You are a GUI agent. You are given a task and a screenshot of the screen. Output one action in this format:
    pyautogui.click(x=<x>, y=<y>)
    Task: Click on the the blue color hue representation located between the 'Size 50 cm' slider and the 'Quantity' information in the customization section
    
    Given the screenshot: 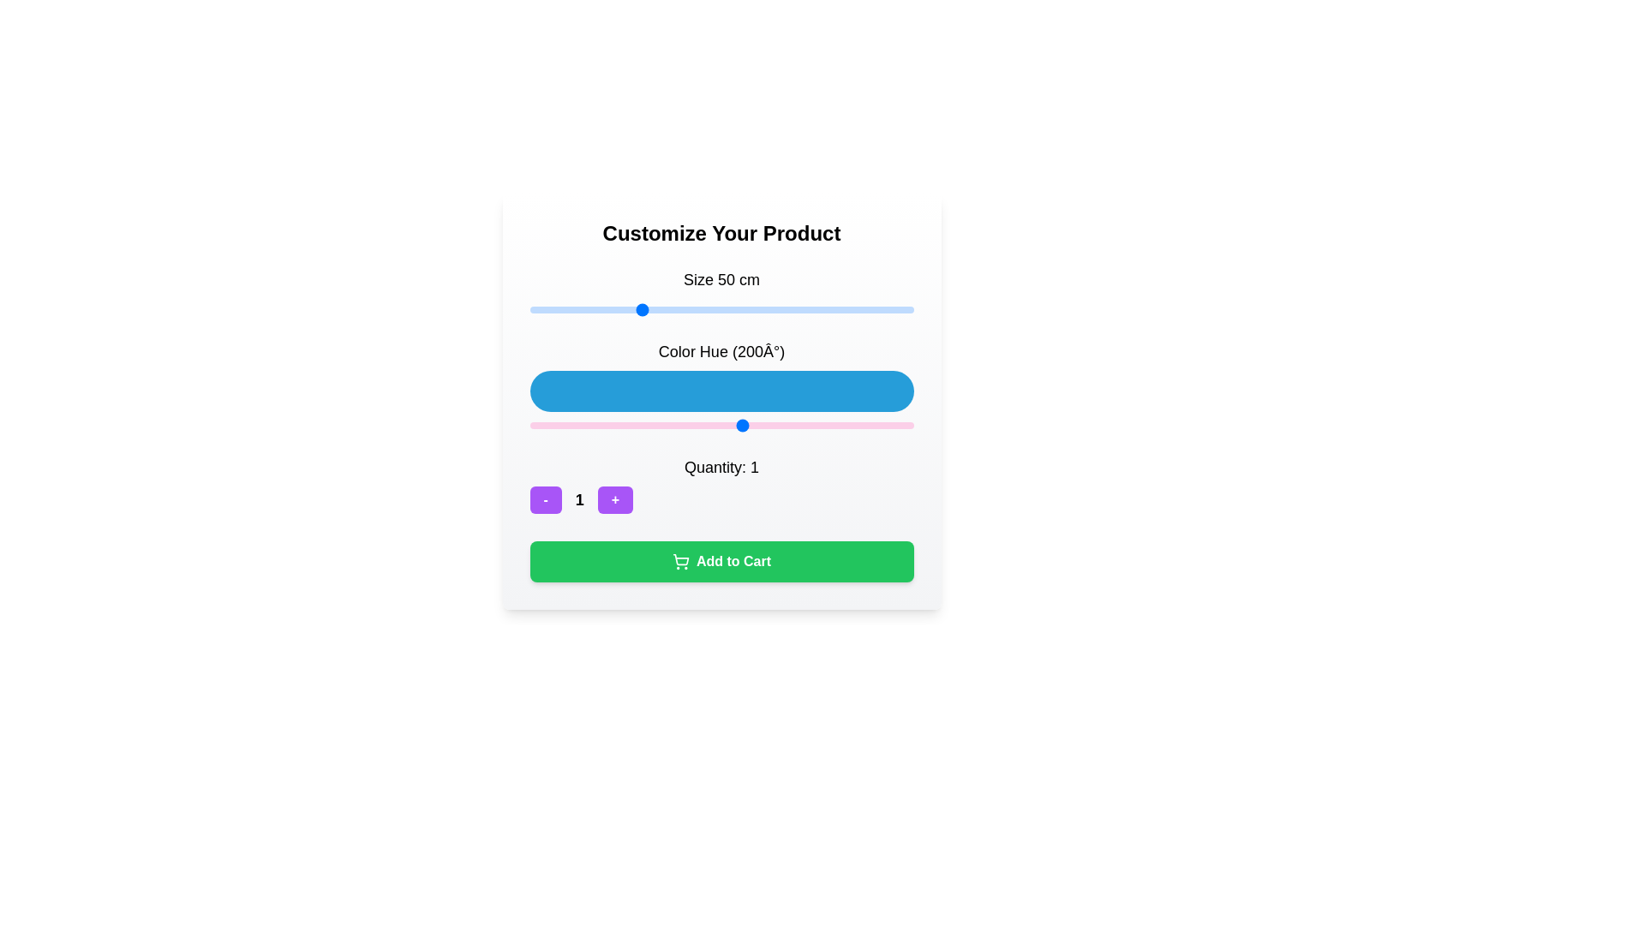 What is the action you would take?
    pyautogui.click(x=721, y=391)
    